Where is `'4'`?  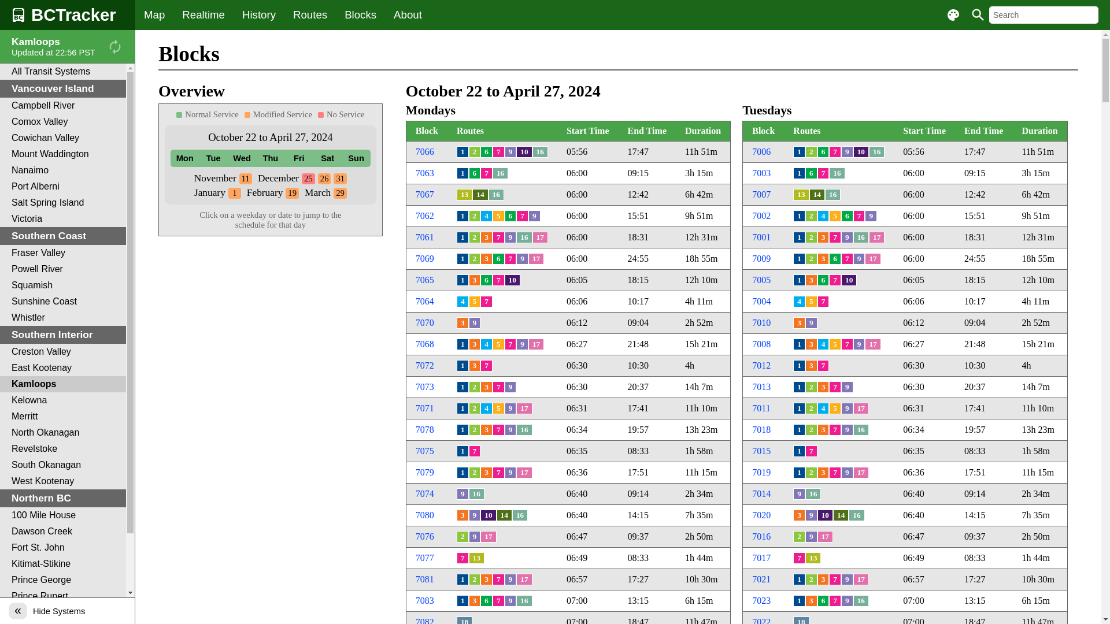 '4' is located at coordinates (823, 344).